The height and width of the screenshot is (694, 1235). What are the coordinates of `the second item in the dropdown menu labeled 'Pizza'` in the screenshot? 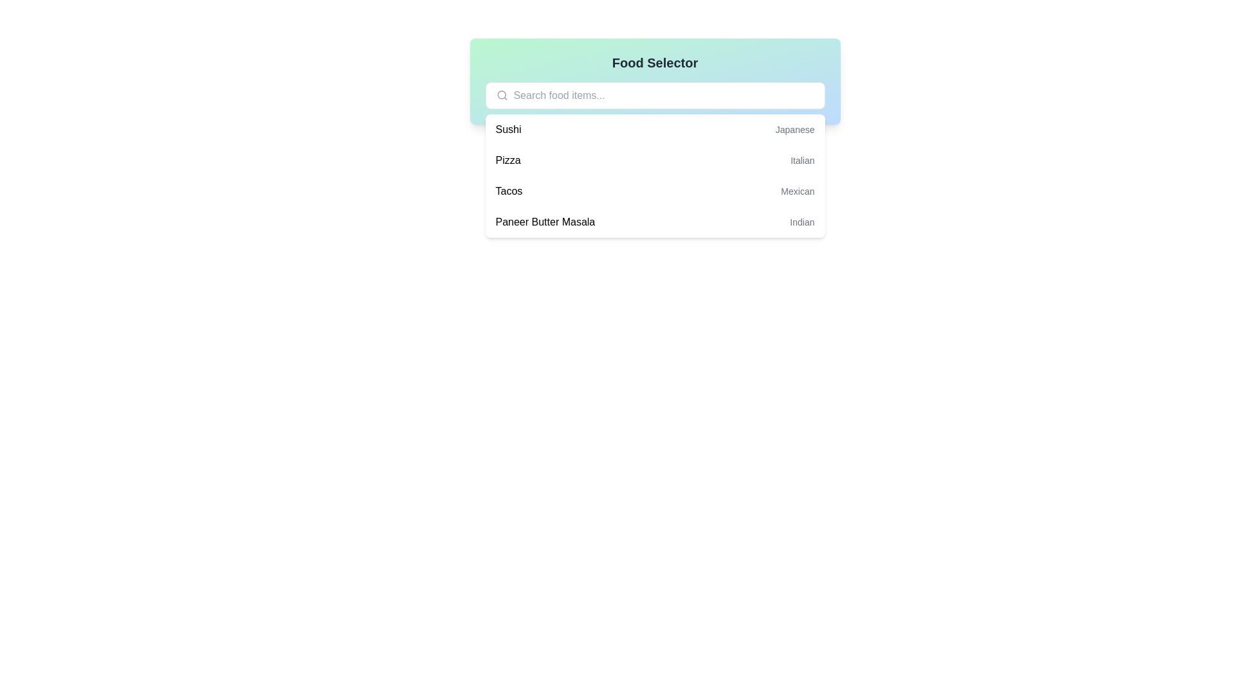 It's located at (655, 160).